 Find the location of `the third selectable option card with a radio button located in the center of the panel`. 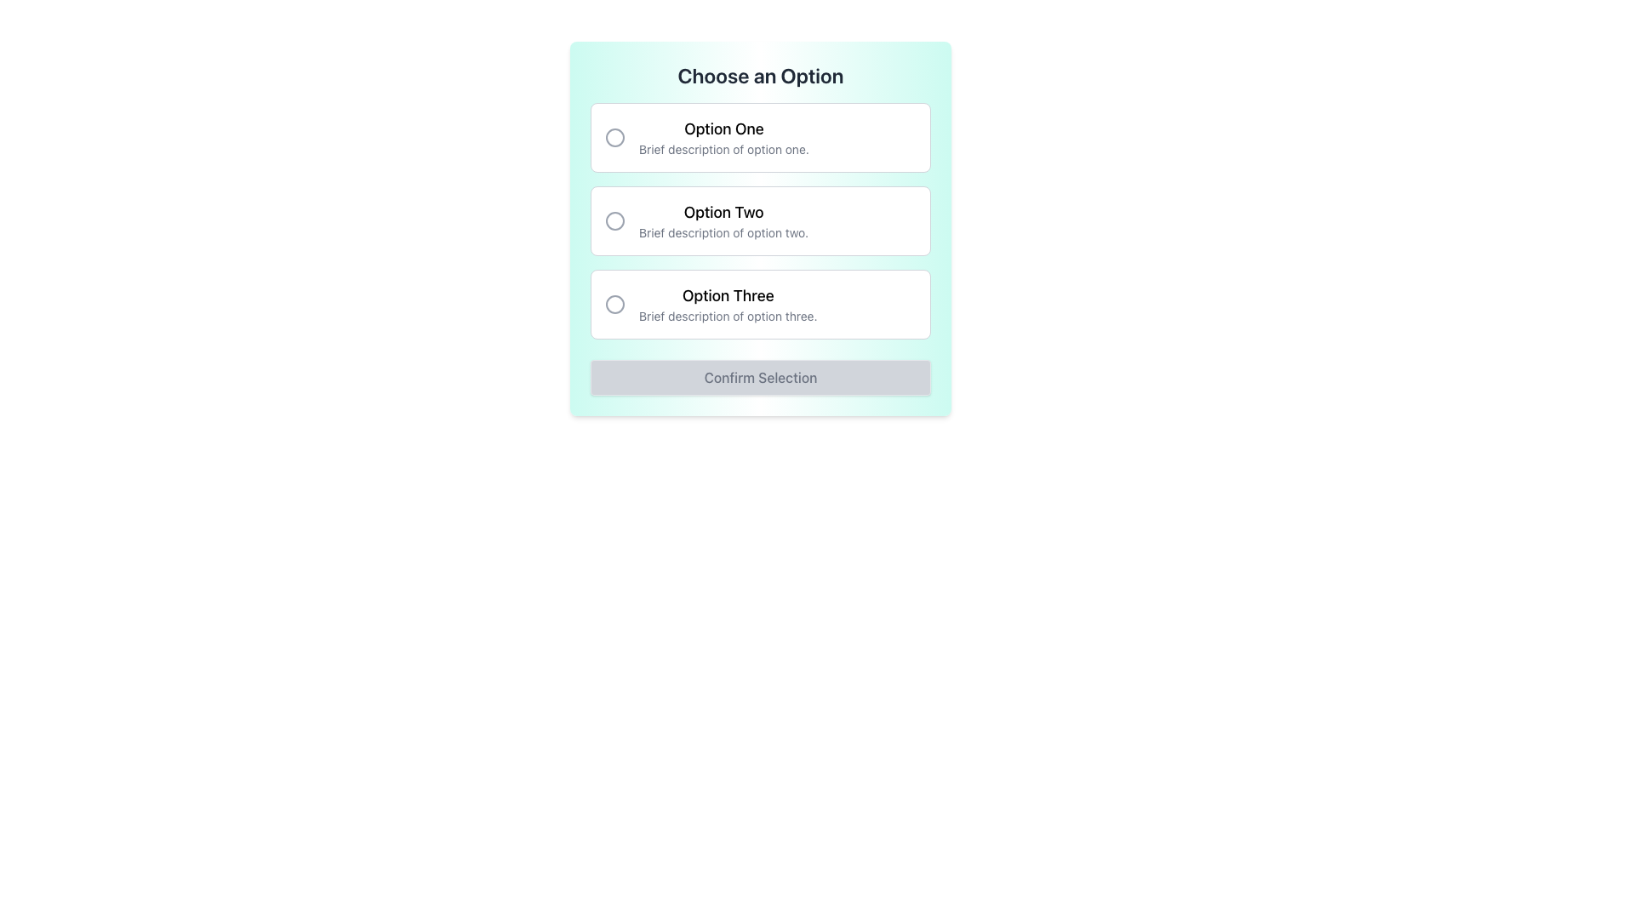

the third selectable option card with a radio button located in the center of the panel is located at coordinates (759, 304).